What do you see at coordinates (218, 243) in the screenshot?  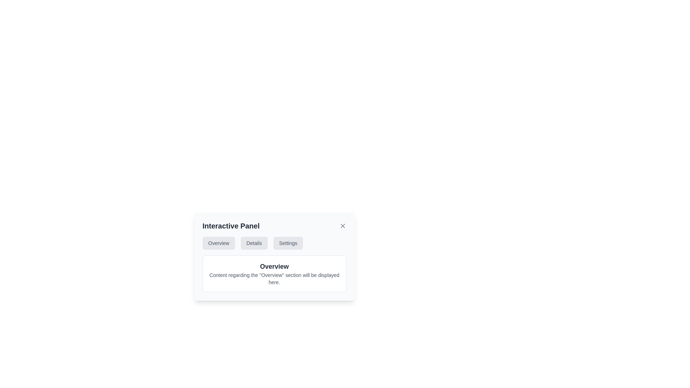 I see `the 'Overview' navigation tab` at bounding box center [218, 243].